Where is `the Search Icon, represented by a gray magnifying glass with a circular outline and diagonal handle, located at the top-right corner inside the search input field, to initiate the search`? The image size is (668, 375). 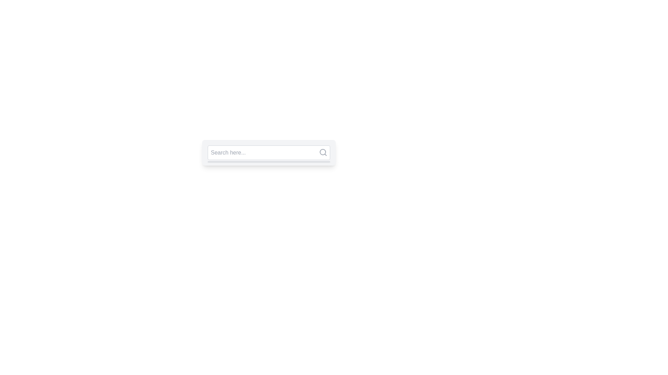
the Search Icon, represented by a gray magnifying glass with a circular outline and diagonal handle, located at the top-right corner inside the search input field, to initiate the search is located at coordinates (323, 152).